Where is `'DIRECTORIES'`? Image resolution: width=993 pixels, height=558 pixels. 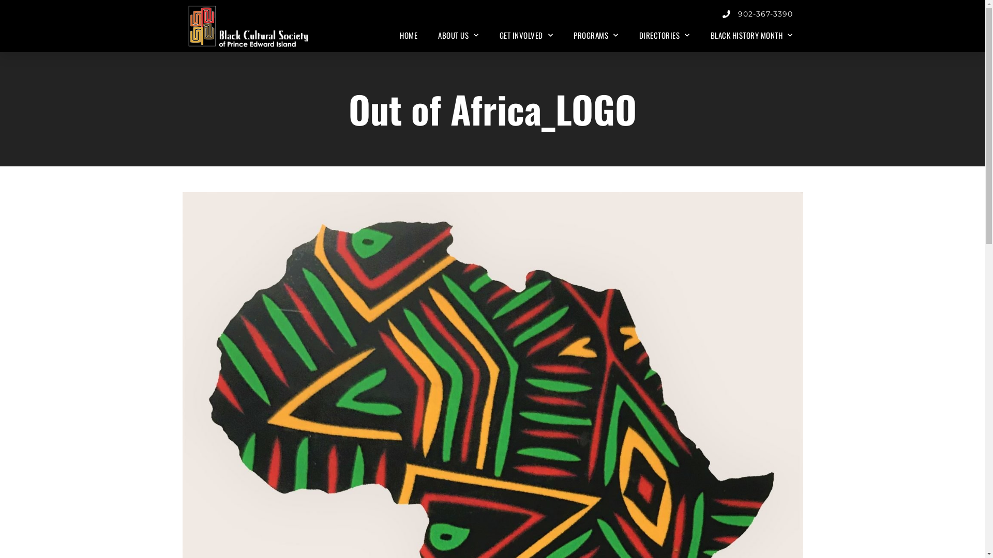
'DIRECTORIES' is located at coordinates (665, 35).